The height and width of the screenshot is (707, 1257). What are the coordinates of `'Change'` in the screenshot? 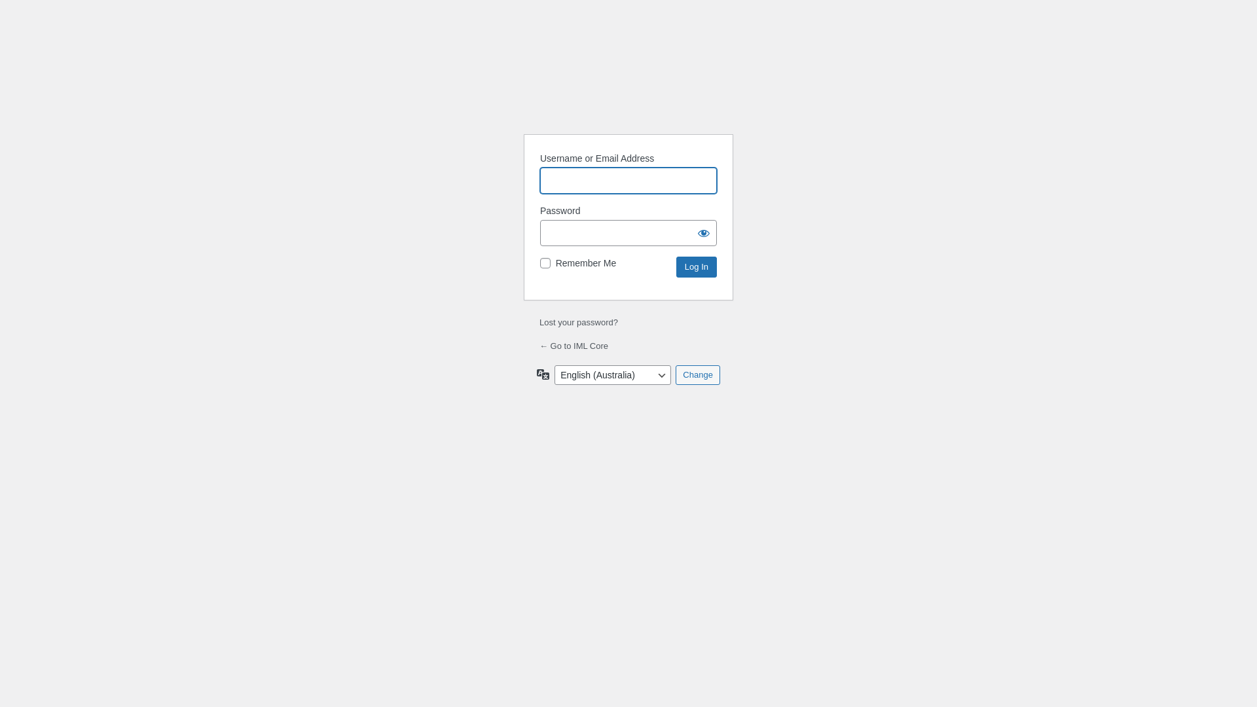 It's located at (697, 375).